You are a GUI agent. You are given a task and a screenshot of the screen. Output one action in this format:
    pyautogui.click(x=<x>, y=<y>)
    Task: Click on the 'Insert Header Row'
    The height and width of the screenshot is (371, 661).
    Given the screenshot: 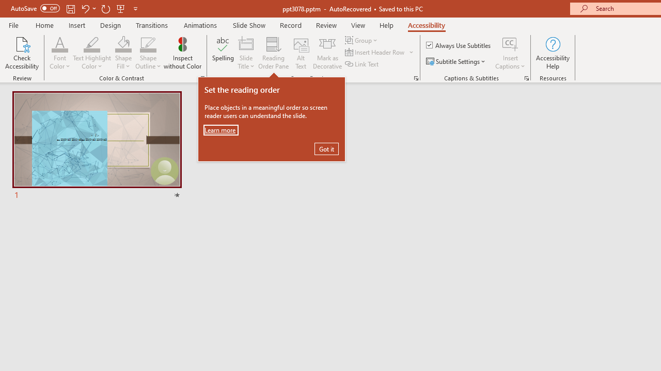 What is the action you would take?
    pyautogui.click(x=375, y=52)
    